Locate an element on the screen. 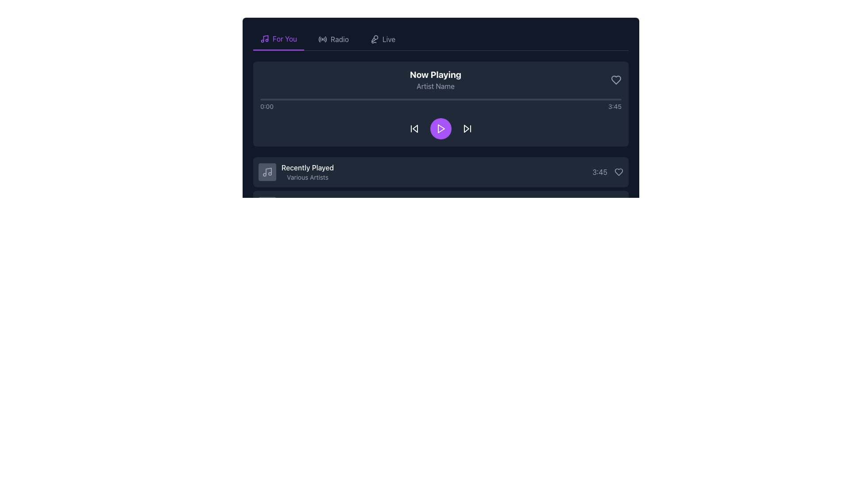 The width and height of the screenshot is (850, 478). the text display showing '3:45' in gray font, located next to a heart-shaped icon in the bottom-right section of the music playlist entry is located at coordinates (607, 172).